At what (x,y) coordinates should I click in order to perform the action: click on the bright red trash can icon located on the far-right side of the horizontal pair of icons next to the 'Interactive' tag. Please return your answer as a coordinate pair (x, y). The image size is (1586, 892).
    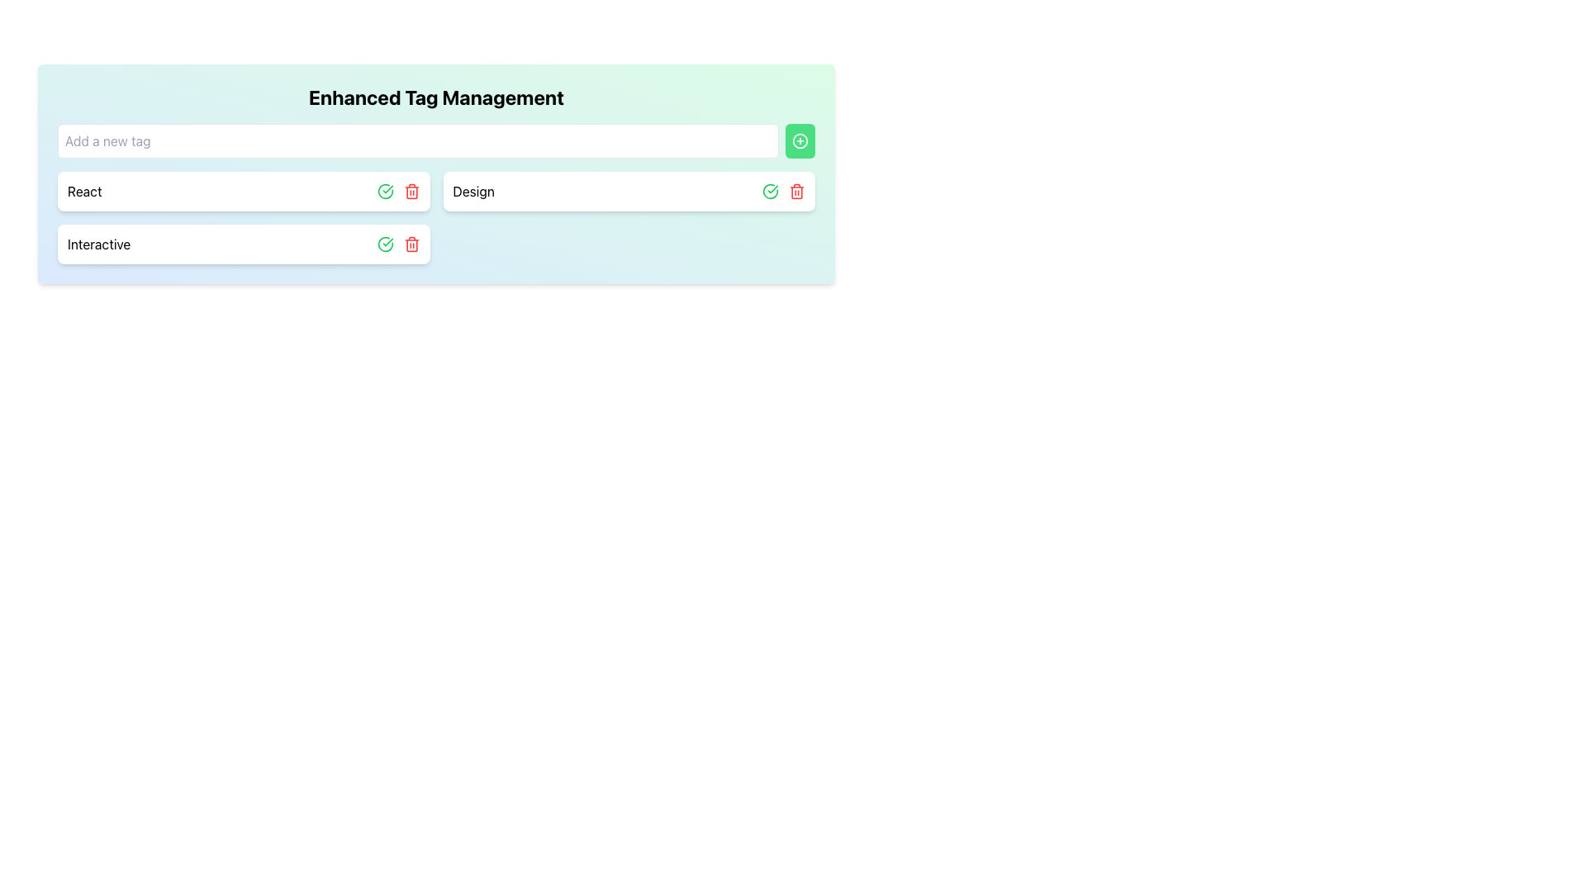
    Looking at the image, I should click on (411, 244).